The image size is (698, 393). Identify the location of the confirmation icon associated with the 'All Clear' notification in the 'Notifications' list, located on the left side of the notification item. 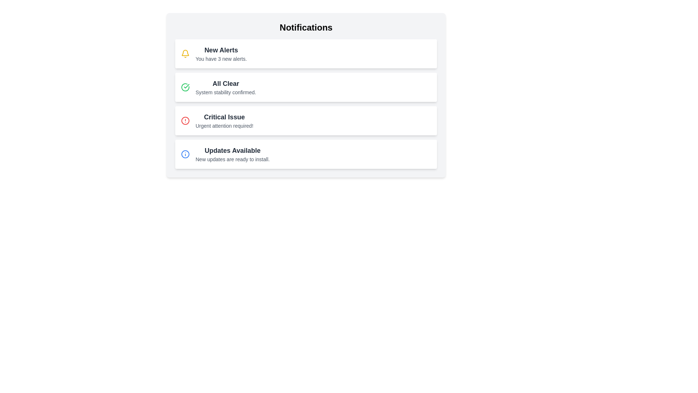
(186, 86).